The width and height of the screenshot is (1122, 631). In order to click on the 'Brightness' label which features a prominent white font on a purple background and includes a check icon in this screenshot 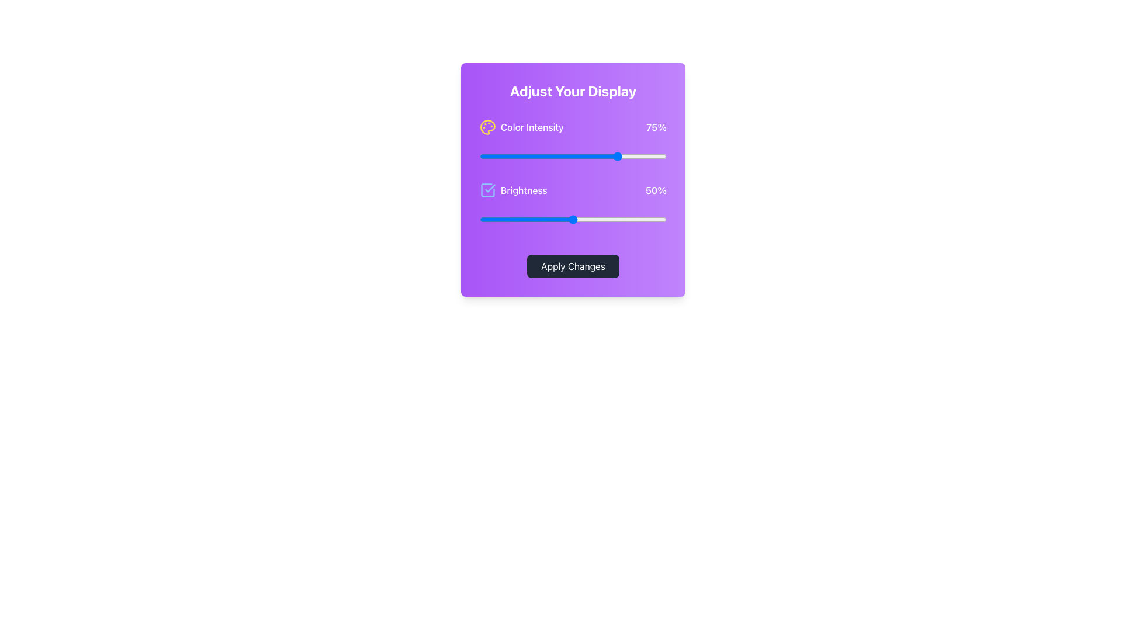, I will do `click(513, 190)`.